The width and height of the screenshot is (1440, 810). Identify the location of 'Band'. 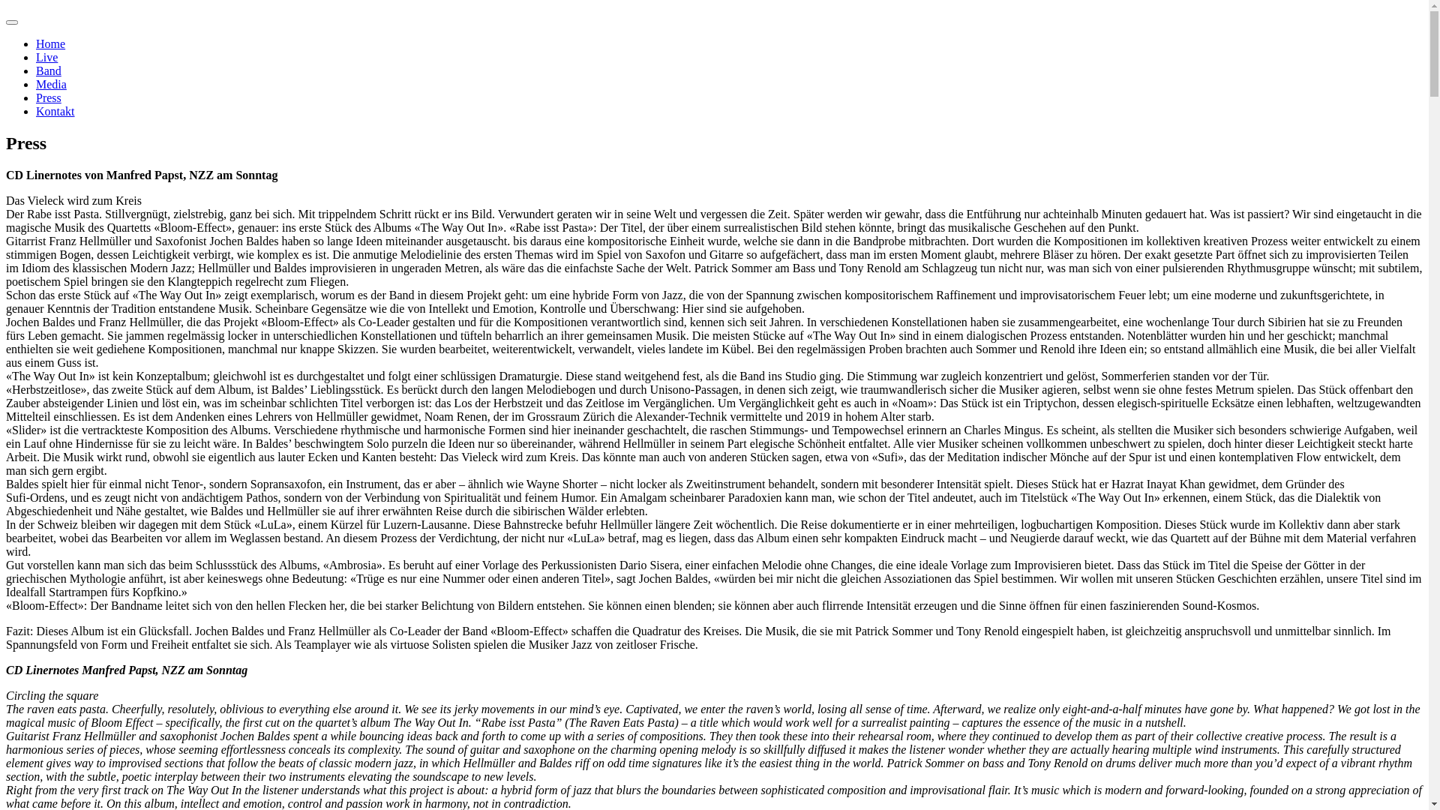
(36, 70).